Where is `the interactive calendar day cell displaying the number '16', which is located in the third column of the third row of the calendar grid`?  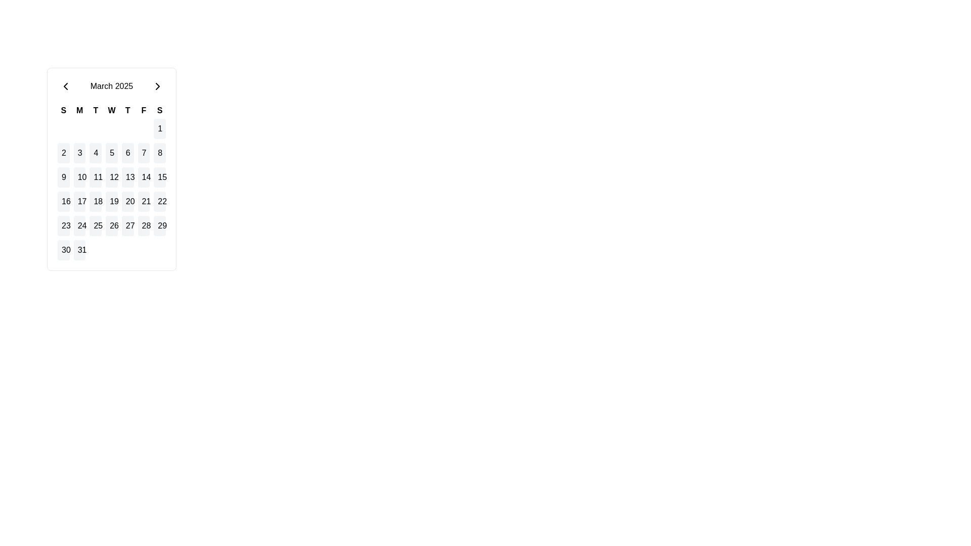 the interactive calendar day cell displaying the number '16', which is located in the third column of the third row of the calendar grid is located at coordinates (63, 201).